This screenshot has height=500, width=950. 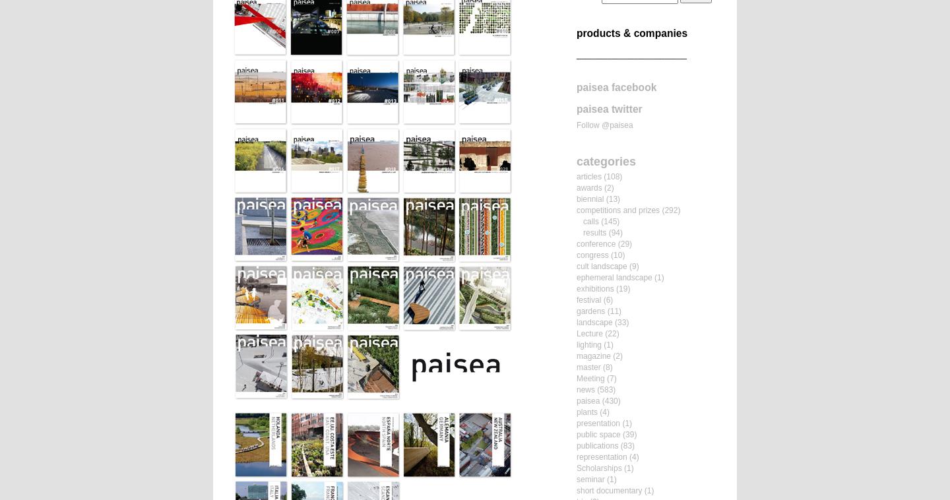 What do you see at coordinates (609, 490) in the screenshot?
I see `'short documentary'` at bounding box center [609, 490].